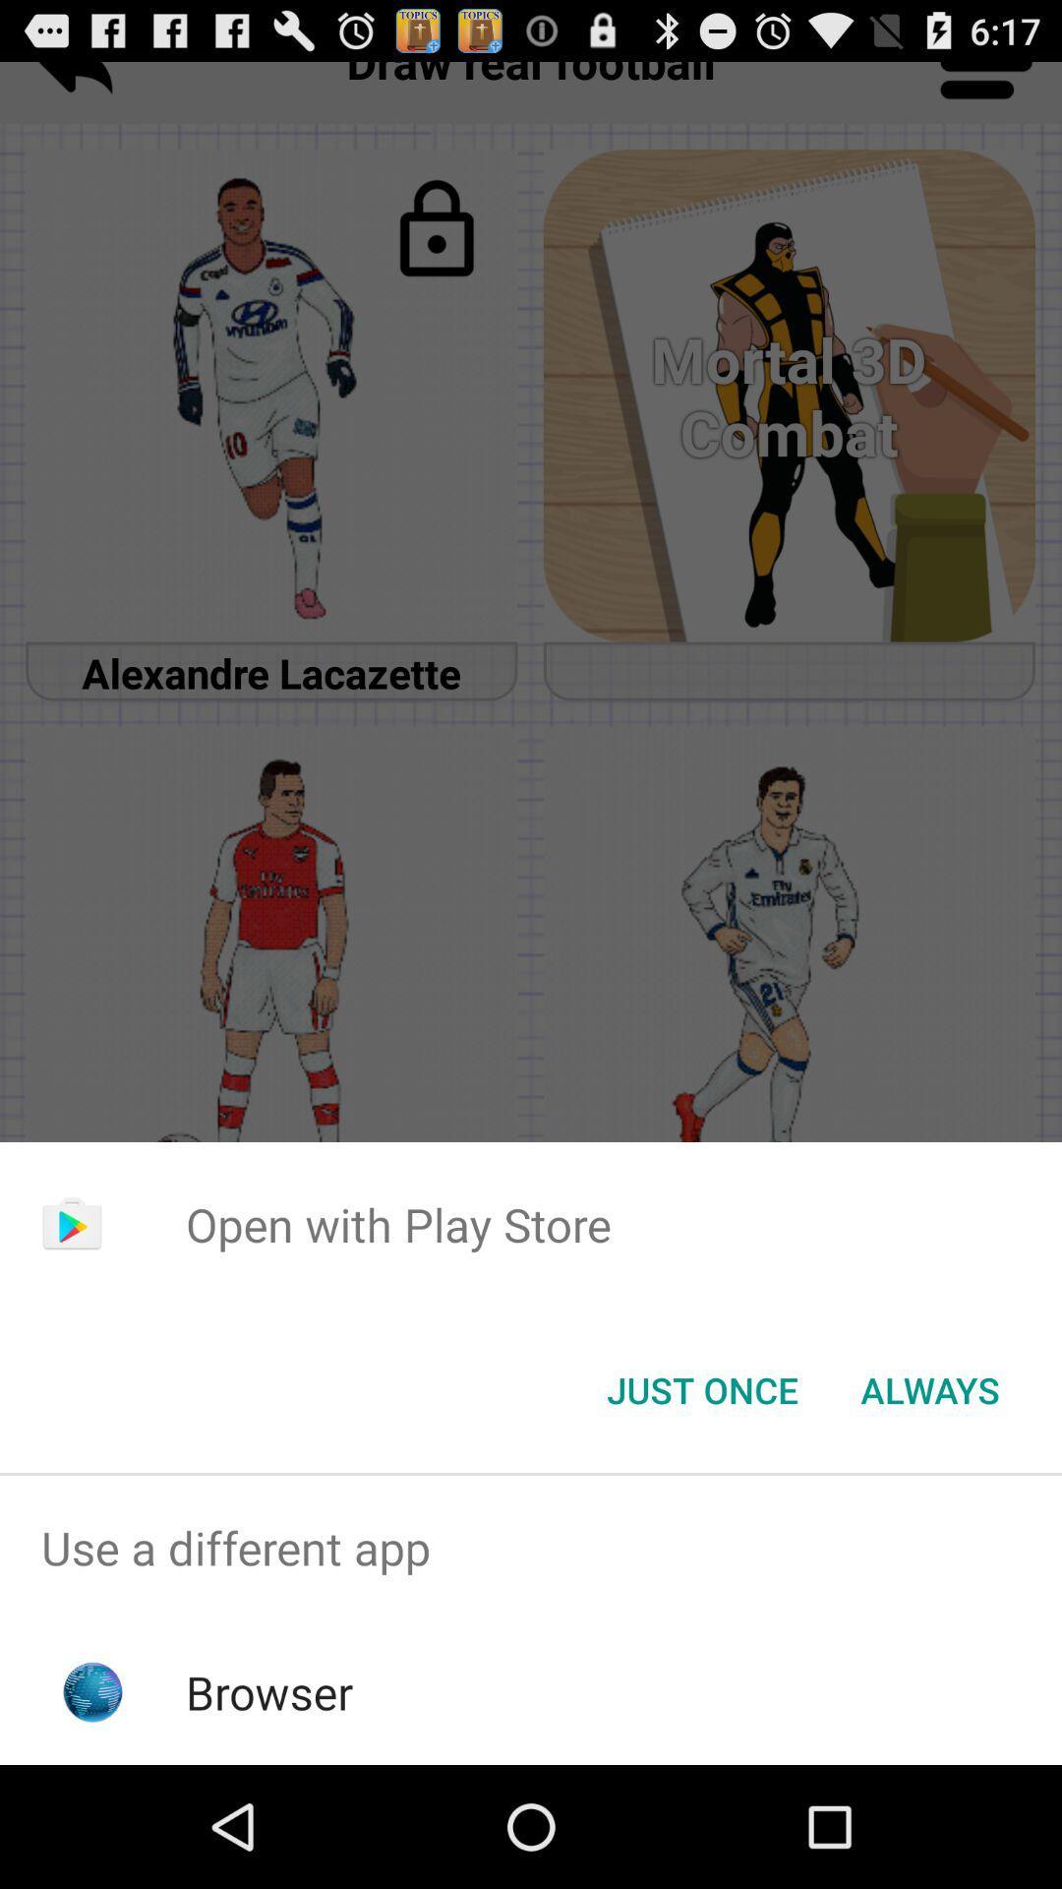  I want to click on icon to the left of always, so click(701, 1388).